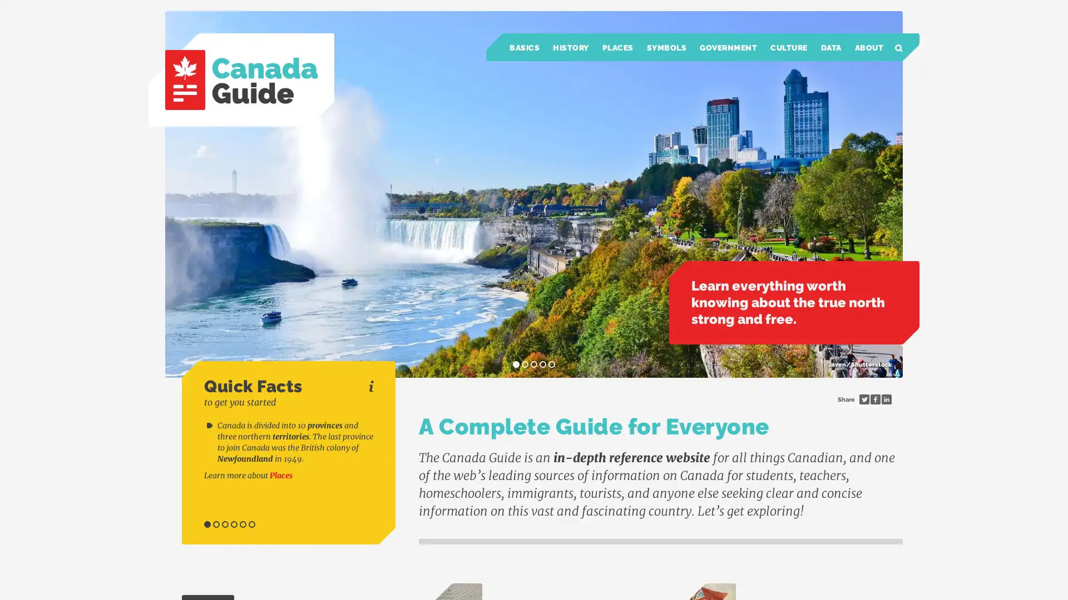 This screenshot has height=600, width=1068. What do you see at coordinates (216, 524) in the screenshot?
I see `Go to slide 2` at bounding box center [216, 524].